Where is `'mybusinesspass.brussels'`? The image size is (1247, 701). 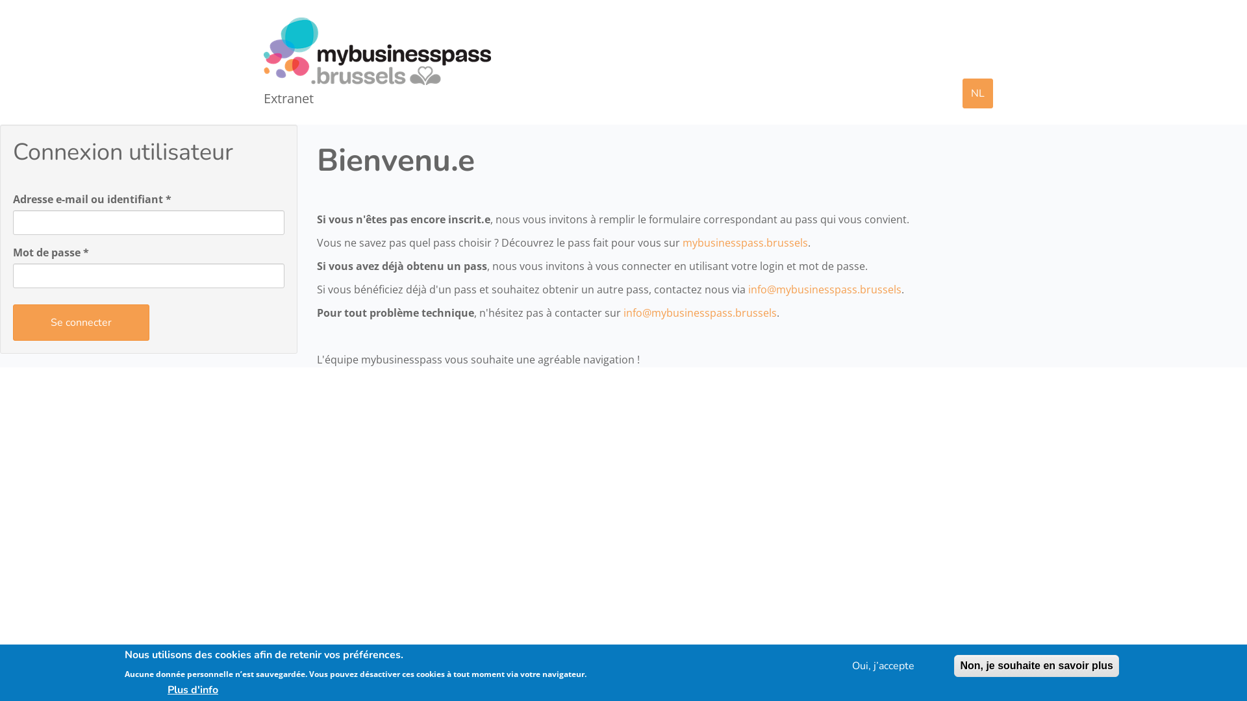 'mybusinesspass.brussels' is located at coordinates (744, 243).